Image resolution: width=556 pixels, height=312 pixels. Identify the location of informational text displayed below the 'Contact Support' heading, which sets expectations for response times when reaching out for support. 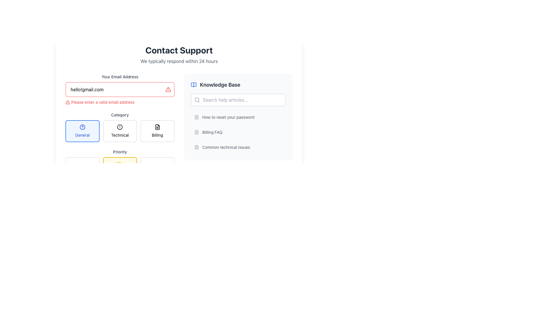
(179, 61).